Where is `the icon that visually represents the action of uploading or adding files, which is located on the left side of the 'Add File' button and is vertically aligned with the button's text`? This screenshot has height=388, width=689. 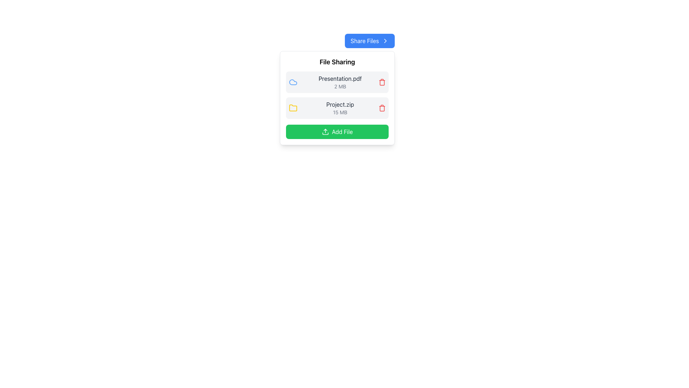
the icon that visually represents the action of uploading or adding files, which is located on the left side of the 'Add File' button and is vertically aligned with the button's text is located at coordinates (325, 131).